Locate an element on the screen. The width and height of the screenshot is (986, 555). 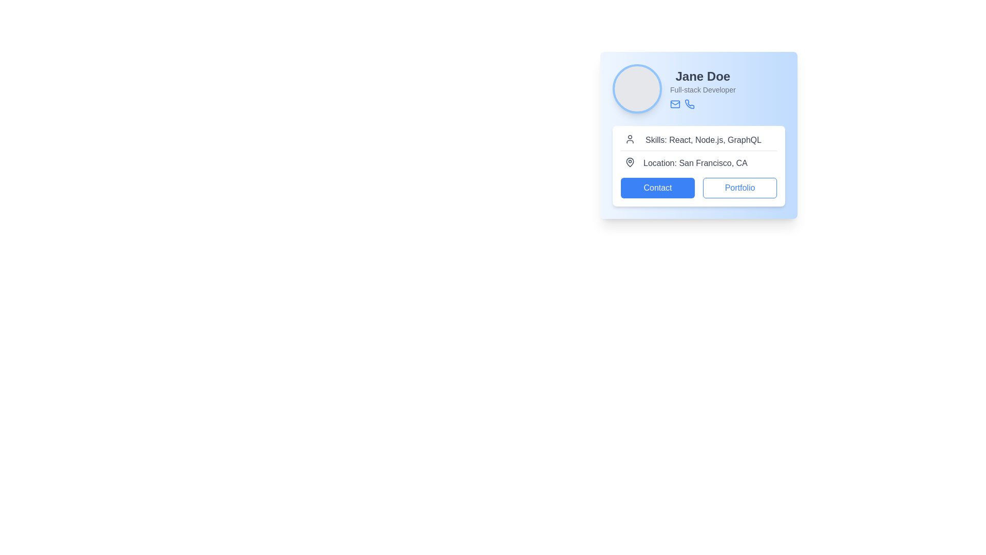
the user profile silhouette icon, which is styled in gray and located to the left of the text 'Skills: React, Node.js, GraphQL' within the 'Skills' box is located at coordinates (630, 139).